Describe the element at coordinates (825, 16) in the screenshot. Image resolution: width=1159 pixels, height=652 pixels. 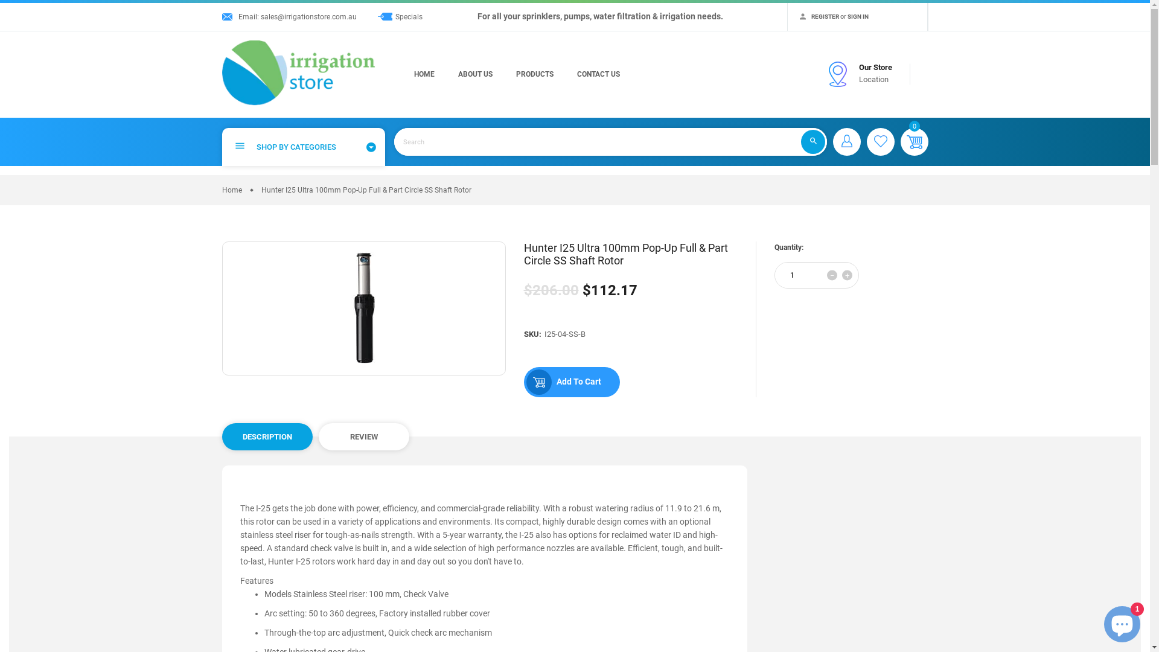
I see `'REGISTER'` at that location.